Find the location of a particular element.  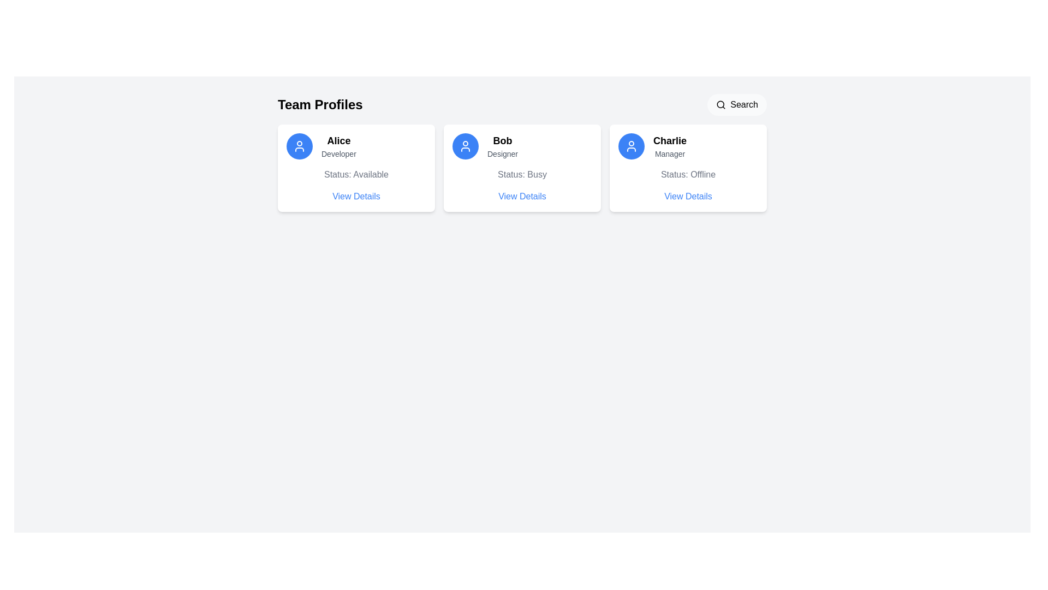

bolded text label 'Charlie' prominently displayed under the 'Team Profiles' heading, positioned towards the top-right corner of the layout is located at coordinates (669, 140).